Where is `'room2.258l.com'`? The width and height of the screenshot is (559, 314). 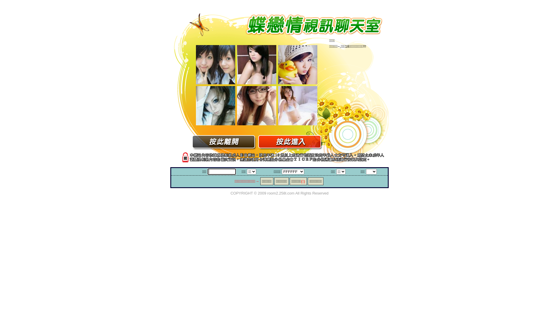
'room2.258l.com' is located at coordinates (281, 193).